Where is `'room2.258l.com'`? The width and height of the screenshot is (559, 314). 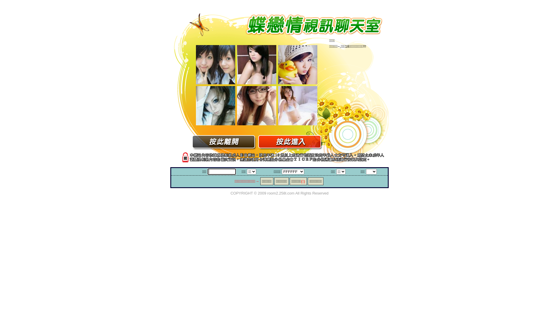
'room2.258l.com' is located at coordinates (281, 193).